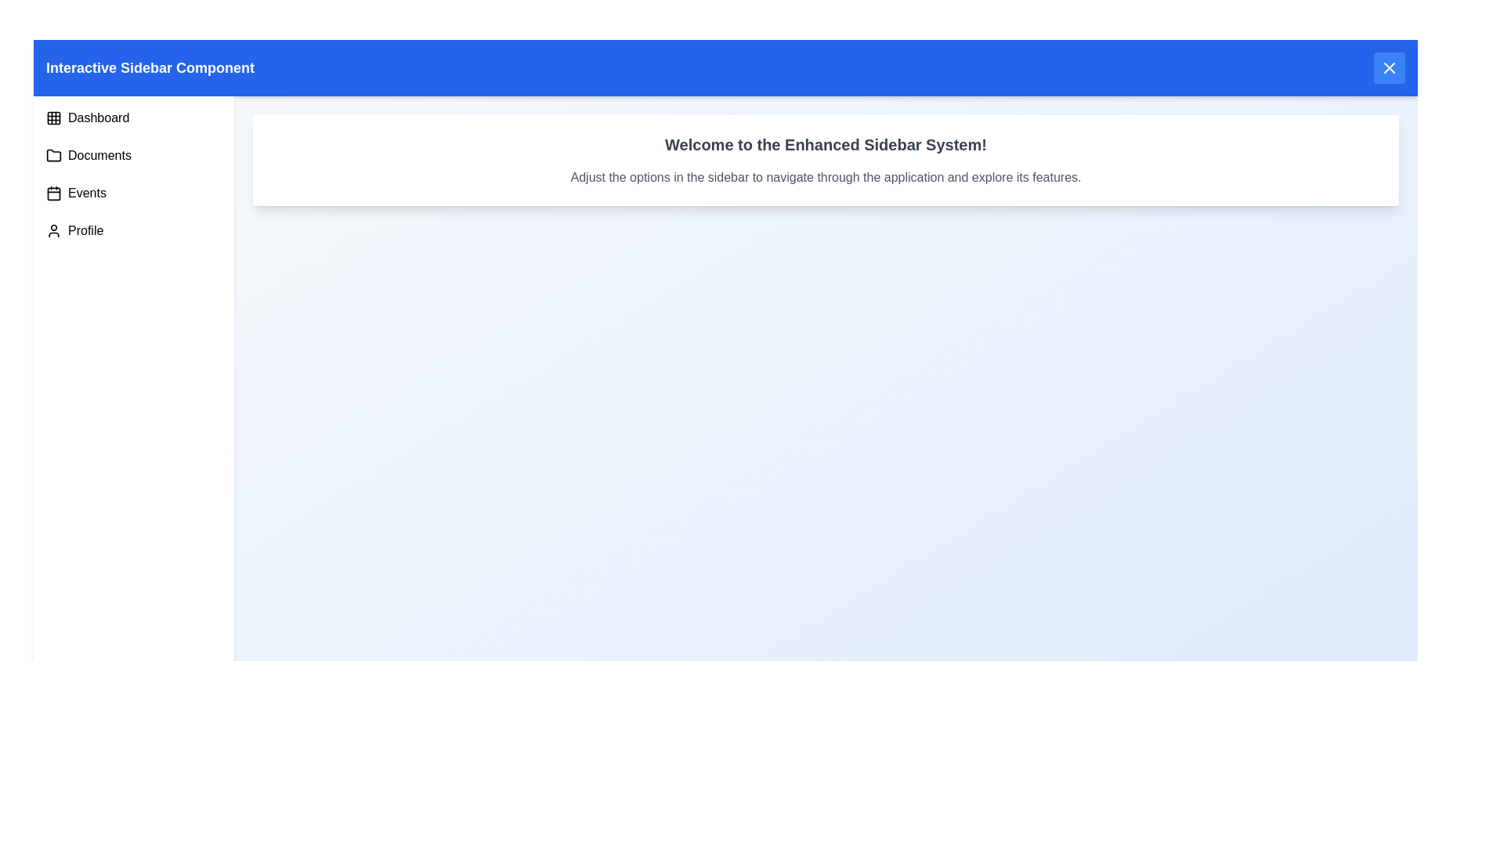 The height and width of the screenshot is (846, 1504). What do you see at coordinates (53, 117) in the screenshot?
I see `the Dashboard icon located in the first cell of the top-left corner of the sidebar menu, which is part of a three-by-three grid structure` at bounding box center [53, 117].